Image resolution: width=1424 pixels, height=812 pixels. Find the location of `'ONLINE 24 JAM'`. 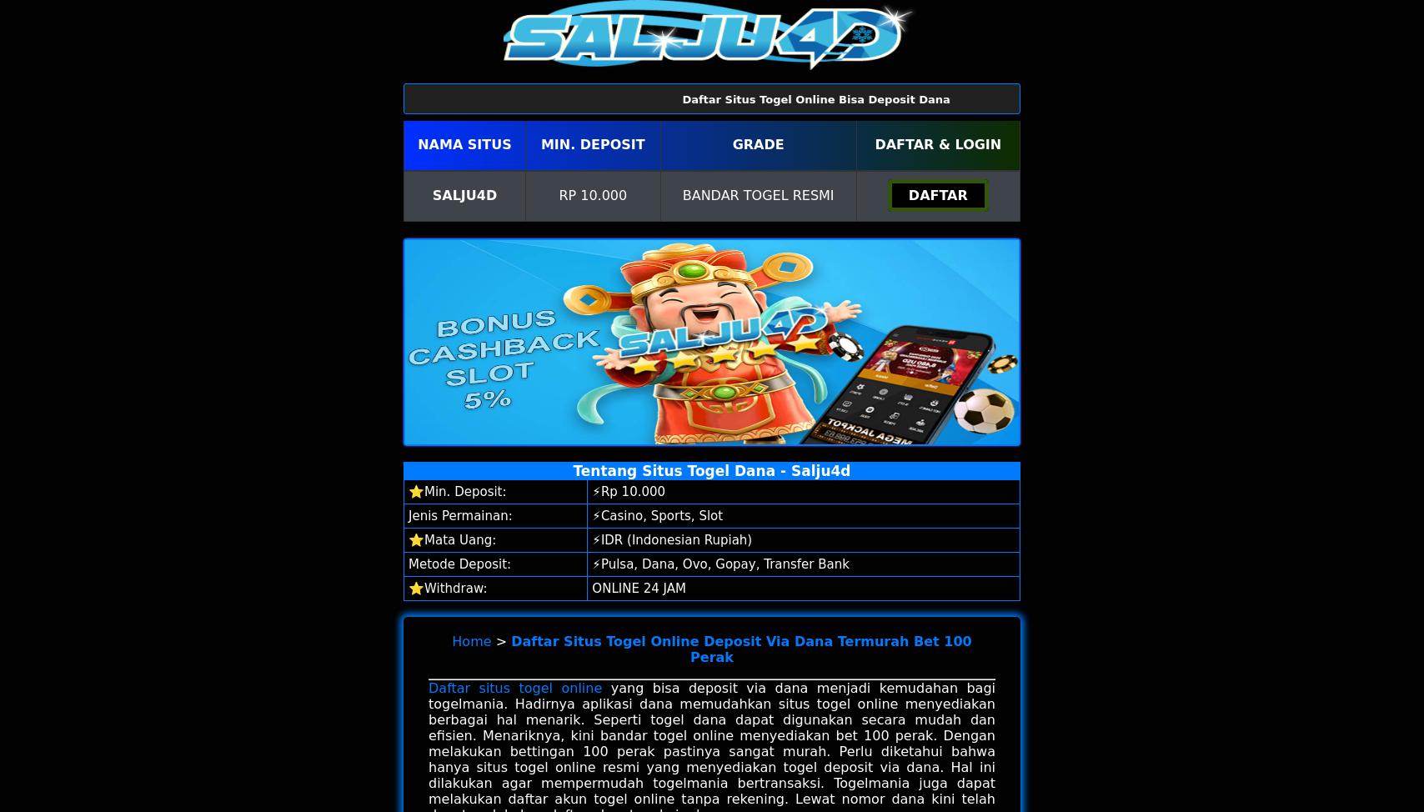

'ONLINE 24 JAM' is located at coordinates (639, 588).